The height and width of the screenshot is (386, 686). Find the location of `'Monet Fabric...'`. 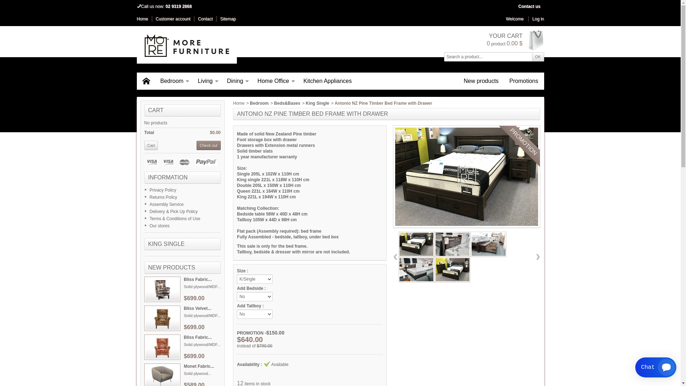

'Monet Fabric...' is located at coordinates (199, 366).